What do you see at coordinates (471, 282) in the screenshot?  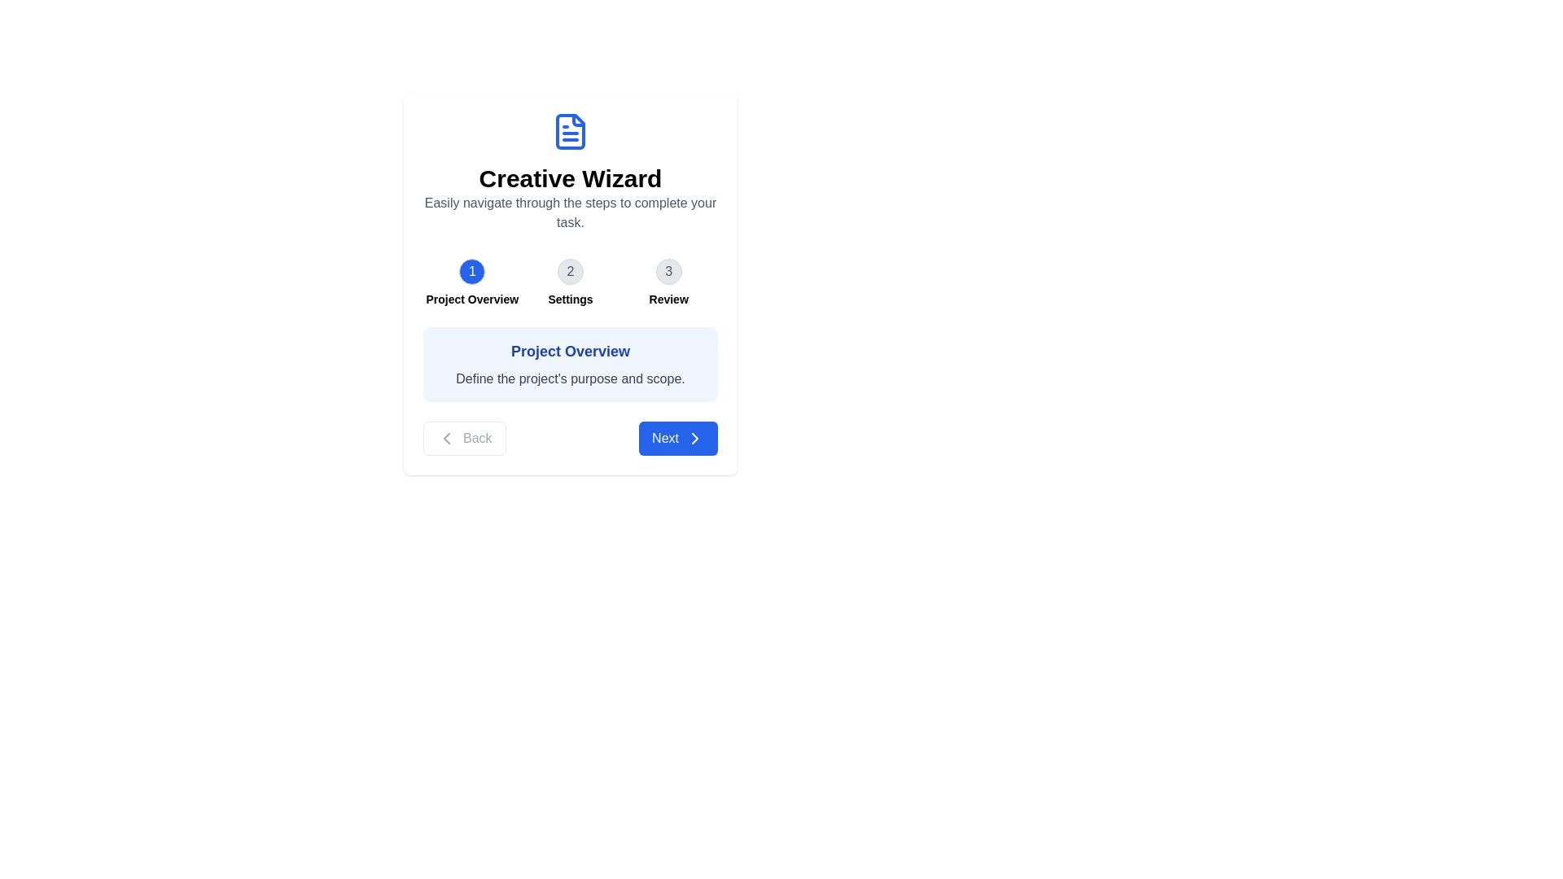 I see `text of the Step indicator labeled 'Project Overview' which is the first step in the navigation process, positioned to the far left of the step navigation bar` at bounding box center [471, 282].